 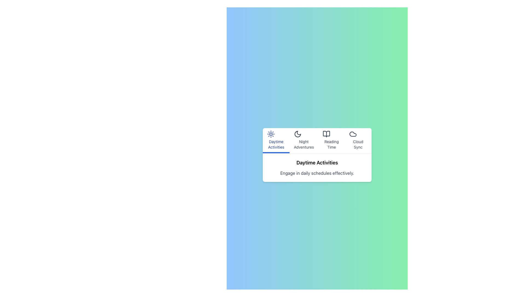 I want to click on the 'Reading Time' icon, which is the third icon from the left in a row of four icons located above the 'Daytime Activities' text, so click(x=326, y=134).